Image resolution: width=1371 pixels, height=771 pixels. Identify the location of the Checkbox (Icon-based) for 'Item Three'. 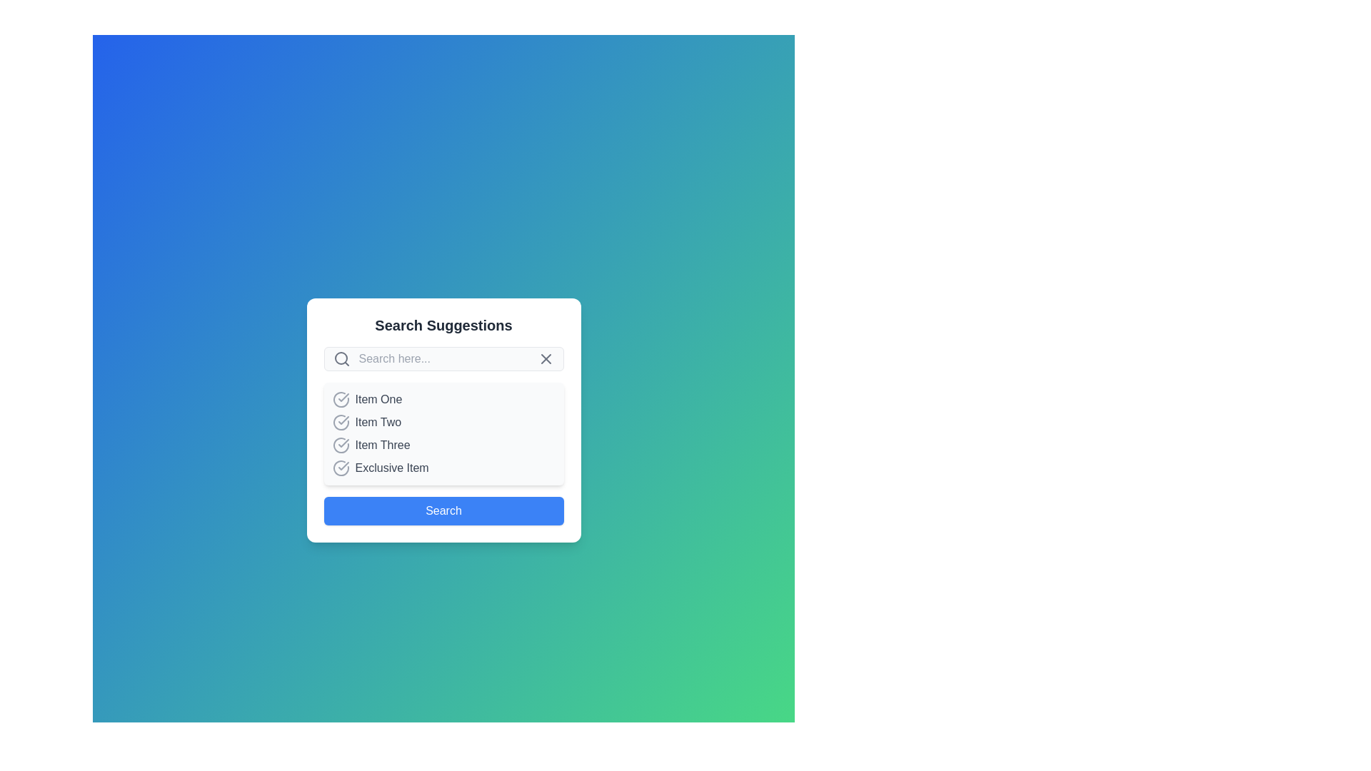
(340, 445).